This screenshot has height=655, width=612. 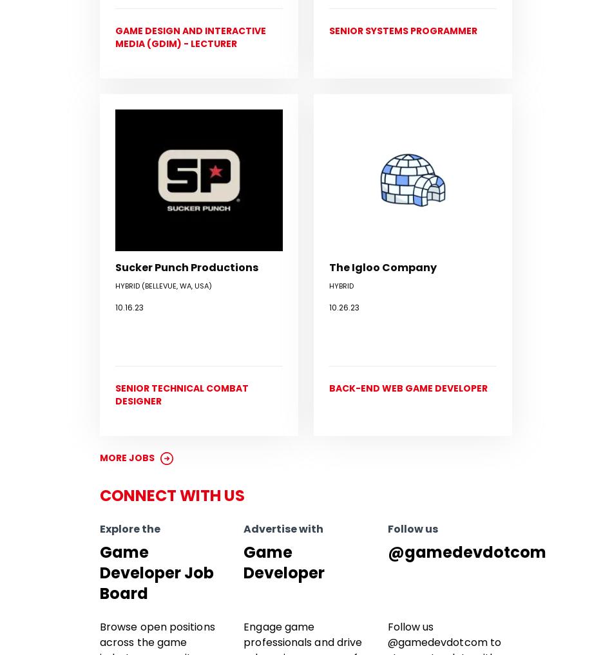 I want to click on 'Senior Technical Combat Designer', so click(x=115, y=394).